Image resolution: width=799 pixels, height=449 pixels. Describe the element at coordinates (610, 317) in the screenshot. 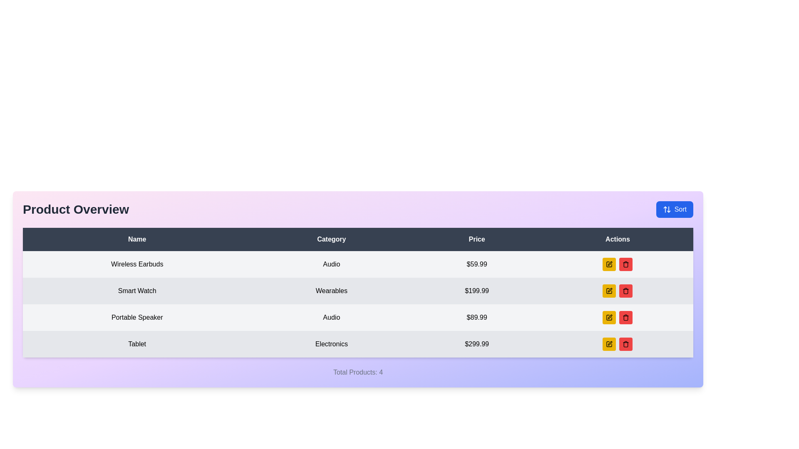

I see `the edit icon resembling a pen, located in the 'Actions' column of the data table for the 'Portable Speaker' entry, to initiate editing` at that location.